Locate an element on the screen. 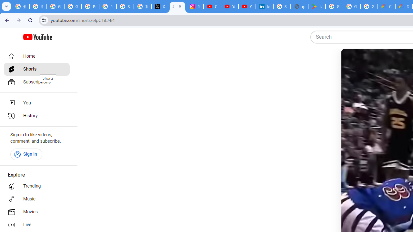  'Last Shelter: Survival - Apps on Google Play' is located at coordinates (317, 6).